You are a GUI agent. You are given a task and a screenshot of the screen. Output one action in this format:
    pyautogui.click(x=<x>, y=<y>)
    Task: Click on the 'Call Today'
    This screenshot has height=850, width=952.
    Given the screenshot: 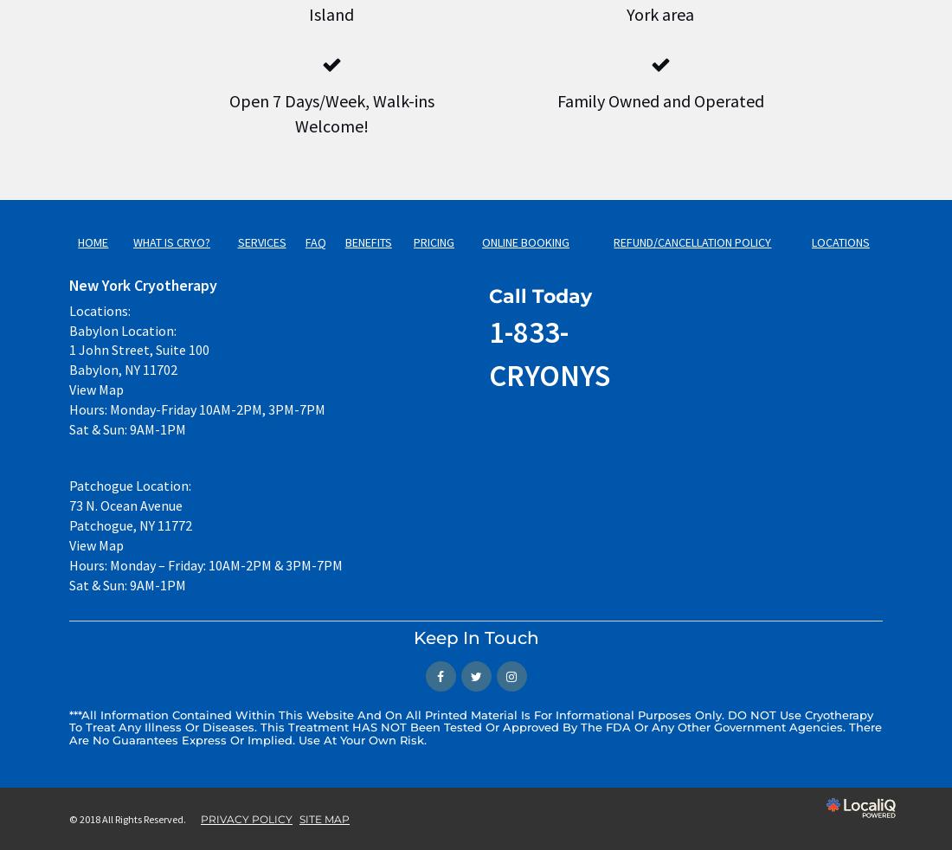 What is the action you would take?
    pyautogui.click(x=540, y=296)
    